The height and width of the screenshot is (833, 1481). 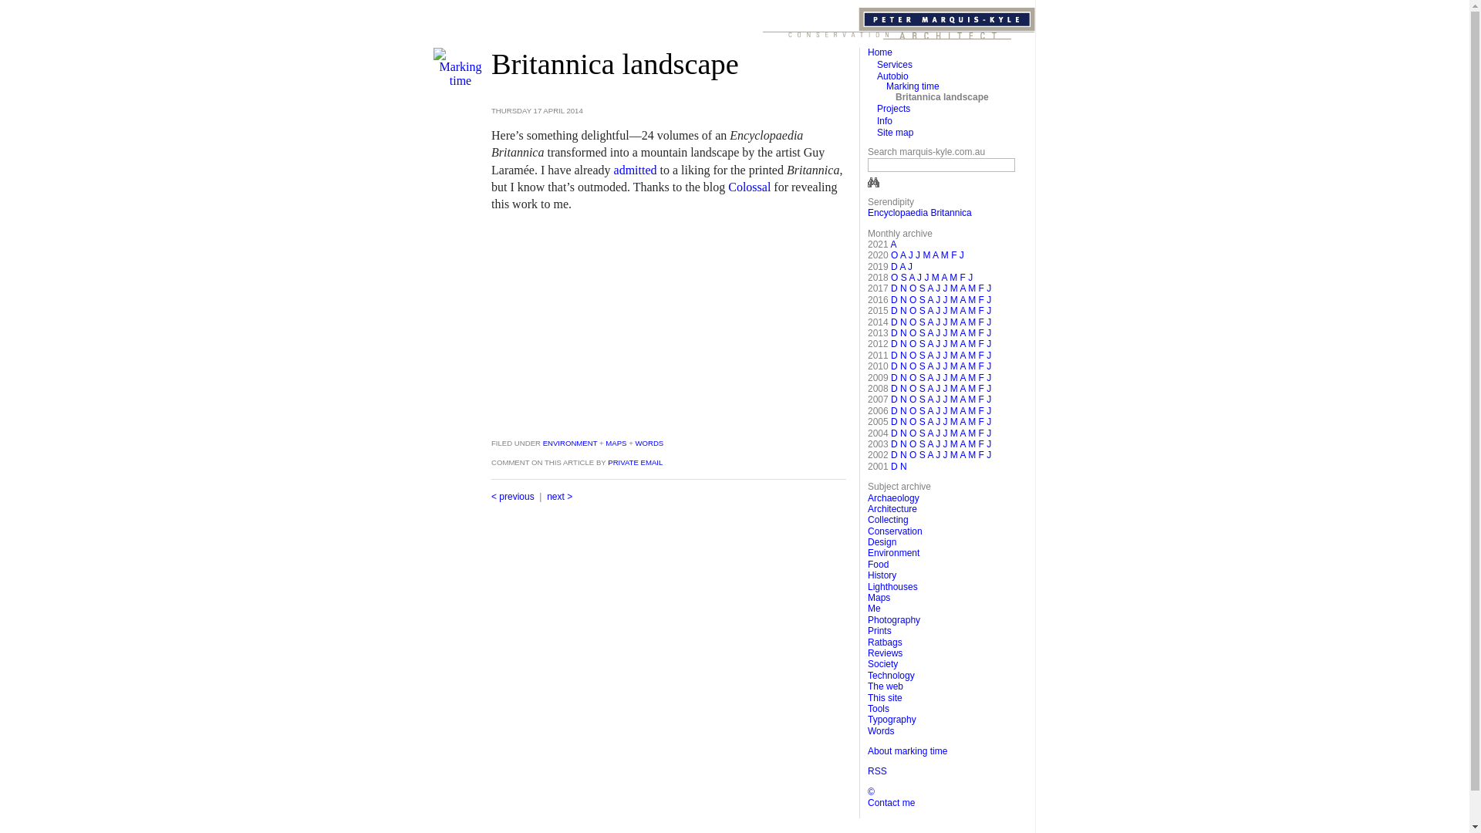 I want to click on 'This site', so click(x=885, y=698).